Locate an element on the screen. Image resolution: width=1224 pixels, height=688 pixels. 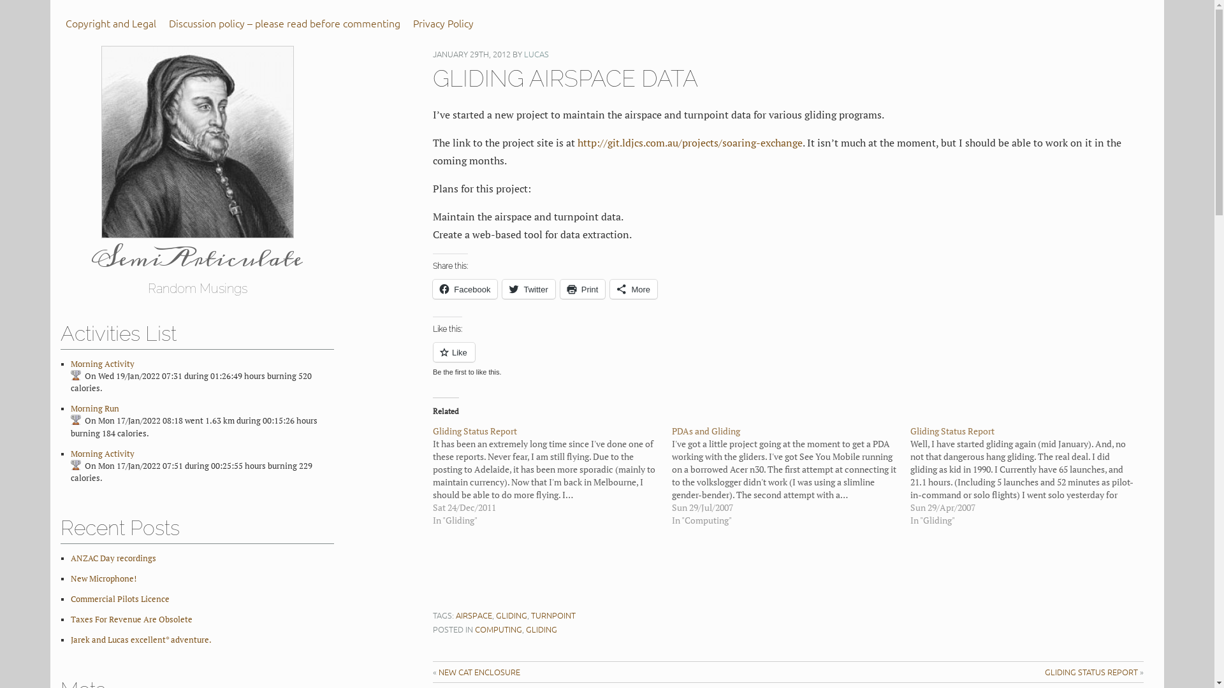
'LUCAS' is located at coordinates (536, 53).